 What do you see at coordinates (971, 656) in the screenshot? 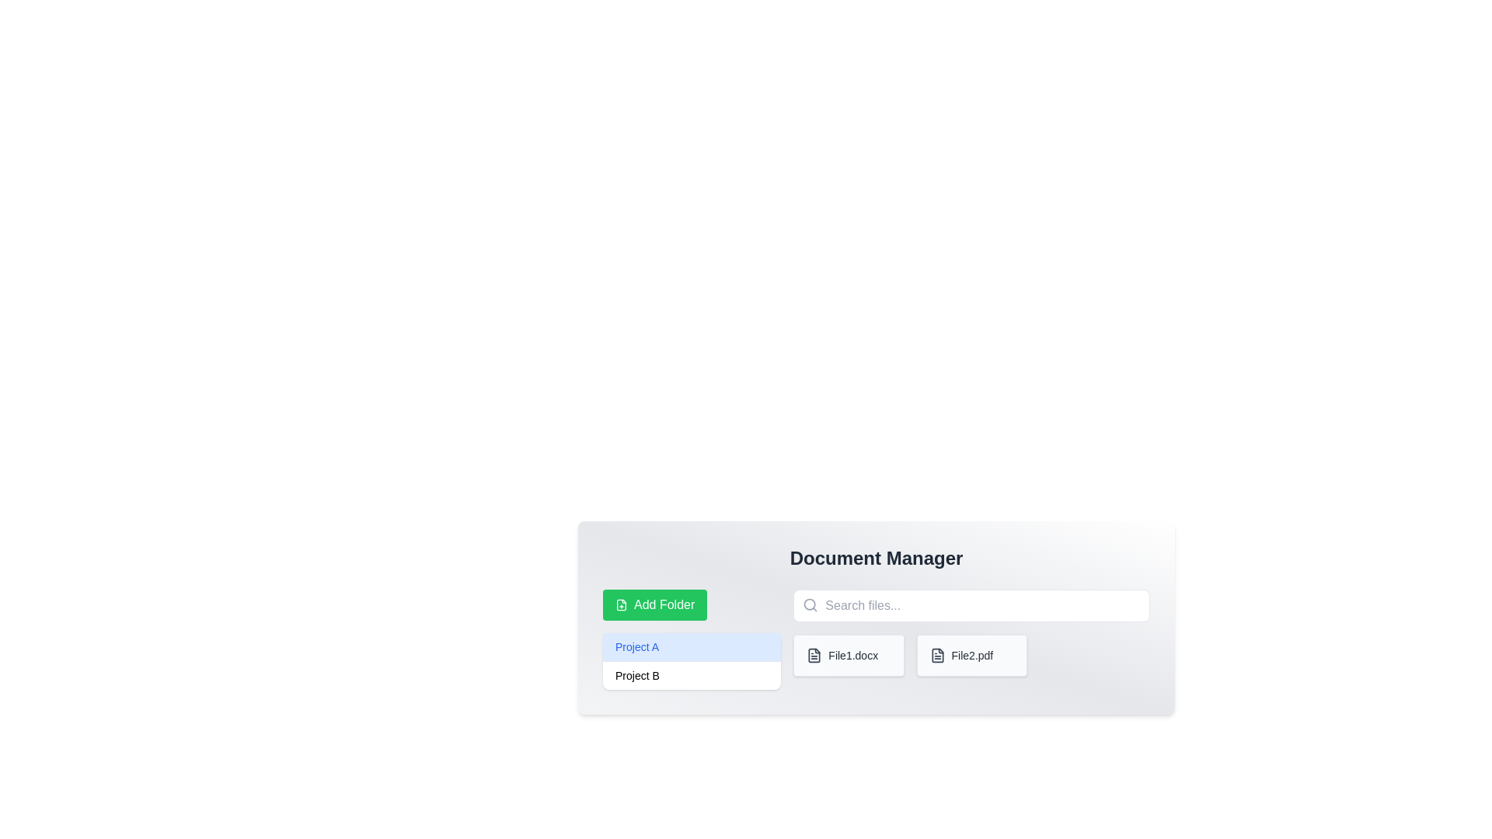
I see `the static text label 'File2.pdf' which is styled with a smaller font size and medium weight, located in the file card on the middle-right of the Document Manager interface` at bounding box center [971, 656].